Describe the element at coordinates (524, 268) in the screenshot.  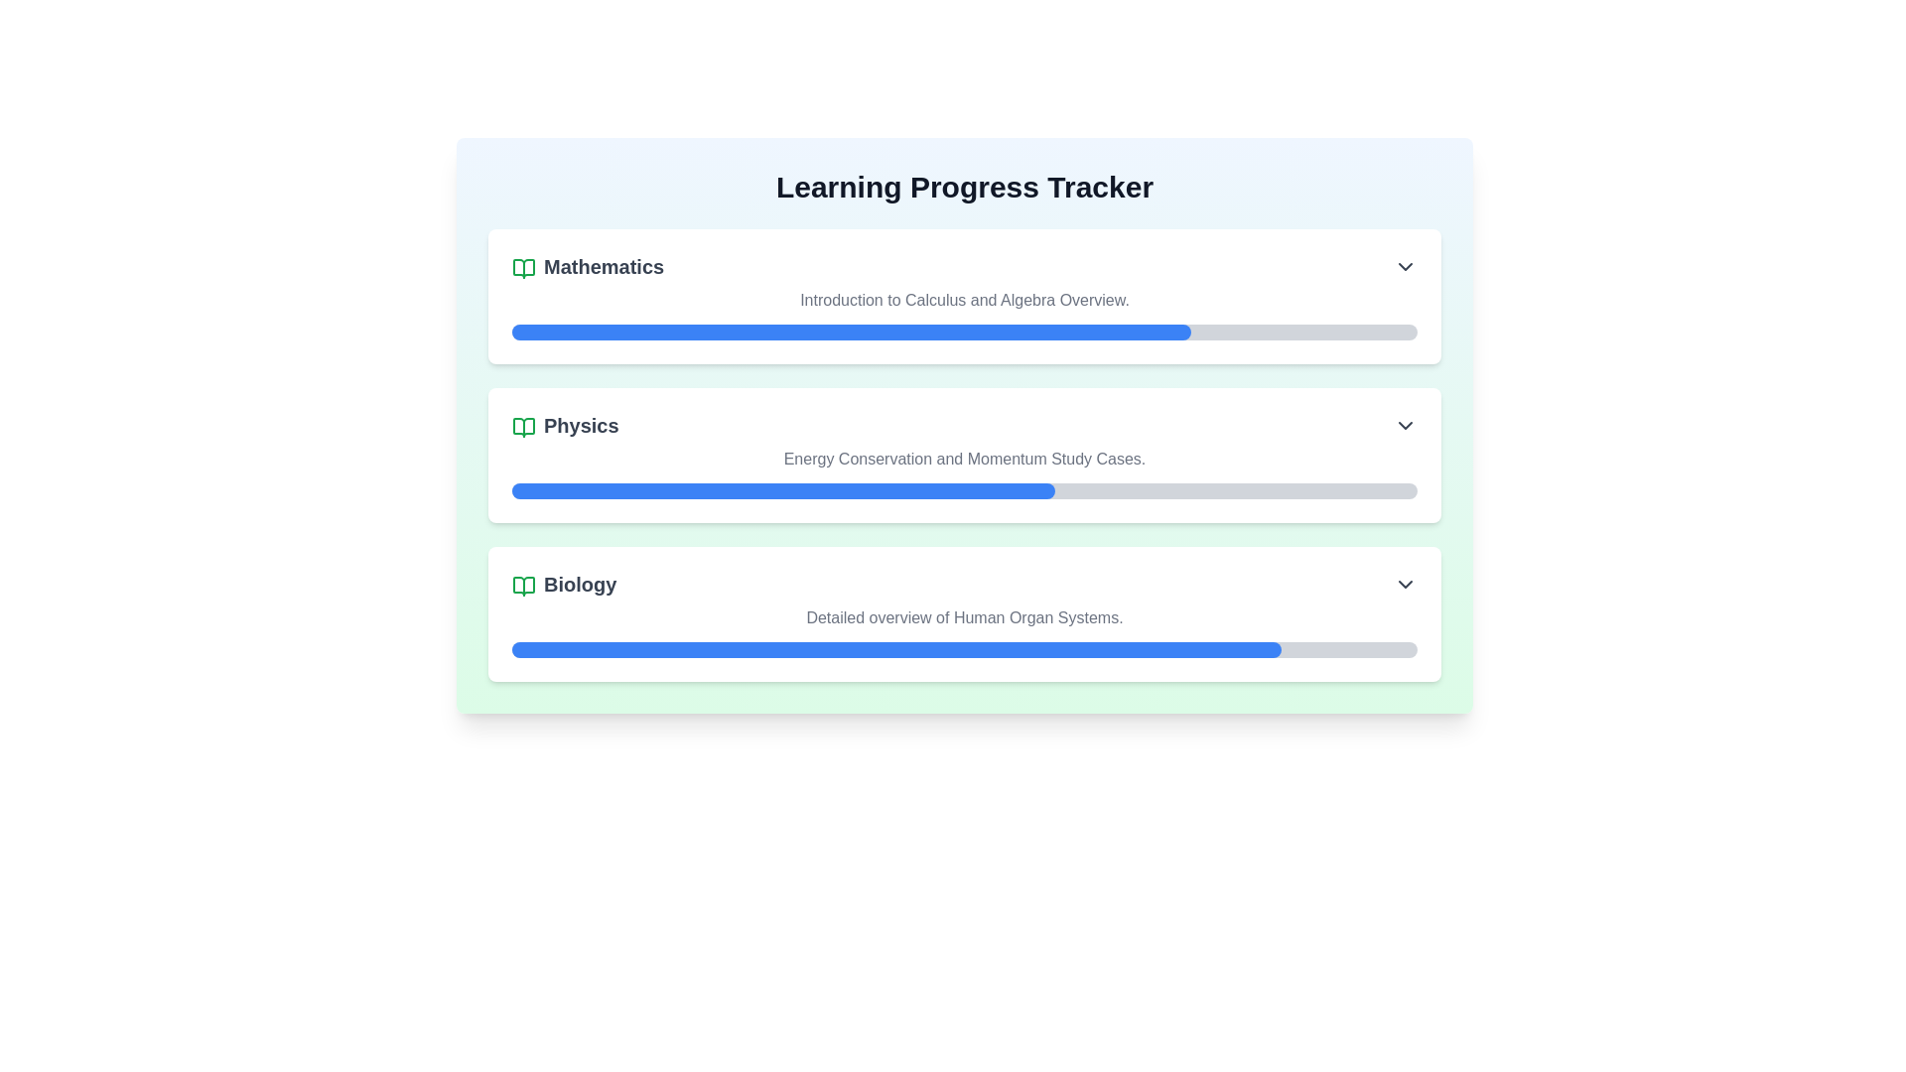
I see `the left half of the open book icon located next to the 'Mathematics' text label to trigger a tooltip or highlight` at that location.